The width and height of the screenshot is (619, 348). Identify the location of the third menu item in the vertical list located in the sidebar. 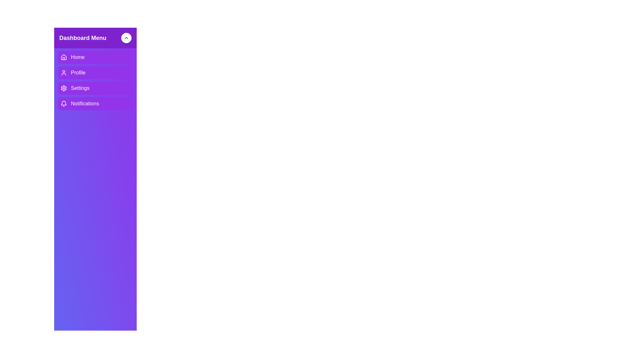
(95, 88).